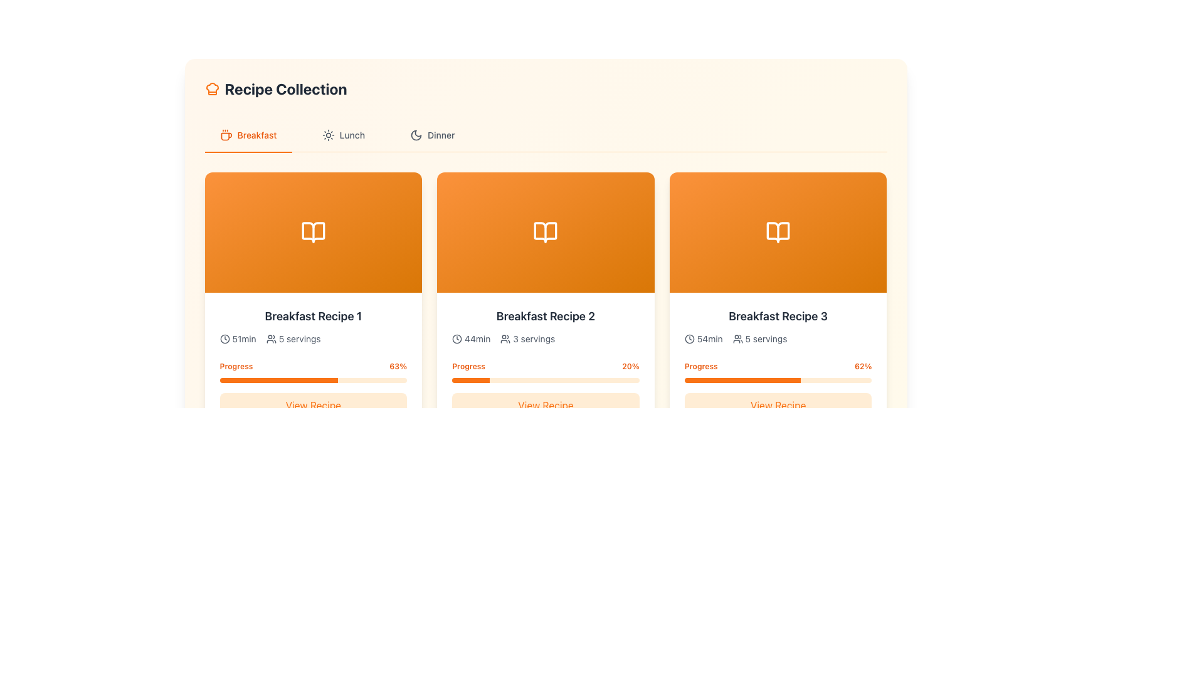  What do you see at coordinates (778, 232) in the screenshot?
I see `the graphical header with an open book icon in the 'Breakfast Recipe 3' card` at bounding box center [778, 232].